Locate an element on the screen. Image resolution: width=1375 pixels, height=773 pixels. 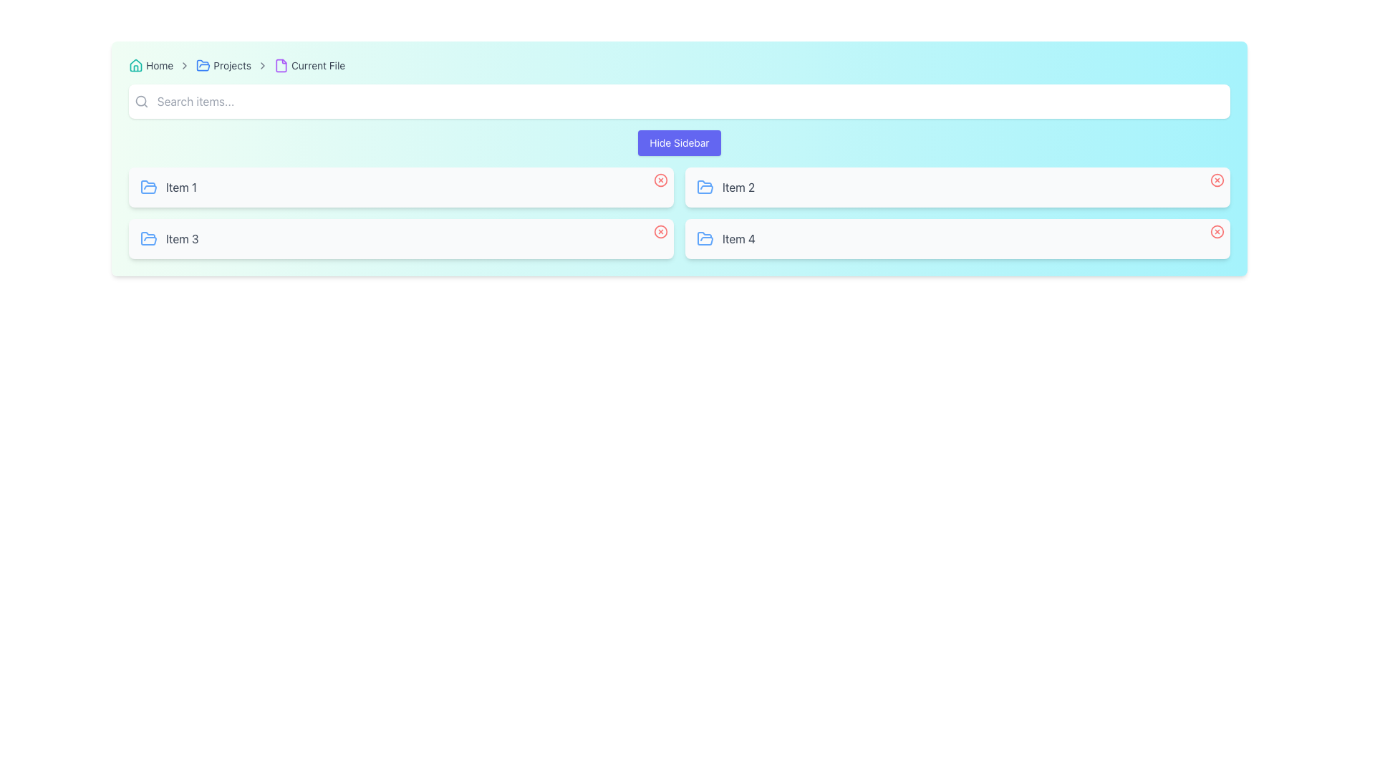
the folder icon located in the second row under the 'Item 3' label, positioned to the left of the label text is located at coordinates (148, 238).